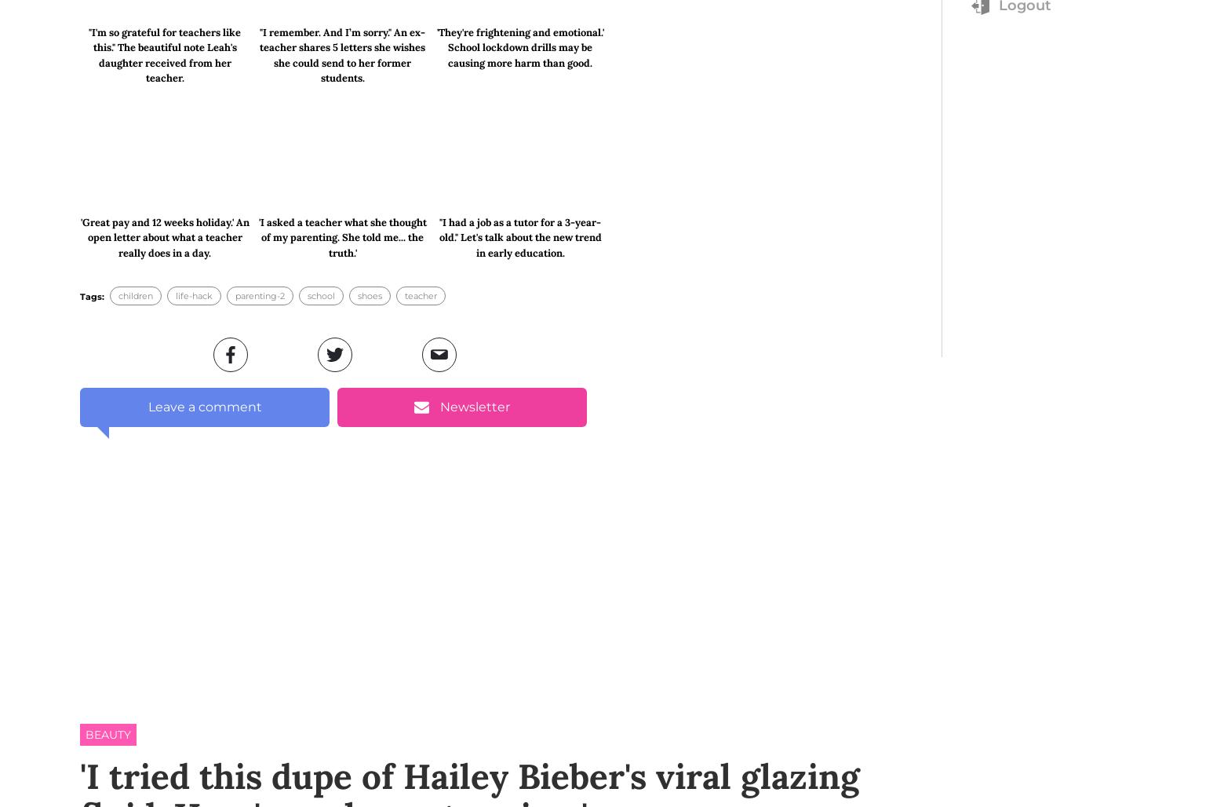 The height and width of the screenshot is (807, 1224). I want to click on 'Now, before we get into my review – just a note on my skin. She's dry, sensitive and loves throwing a tantrum or two whenever I switch it up too much. The joys!', so click(79, 609).